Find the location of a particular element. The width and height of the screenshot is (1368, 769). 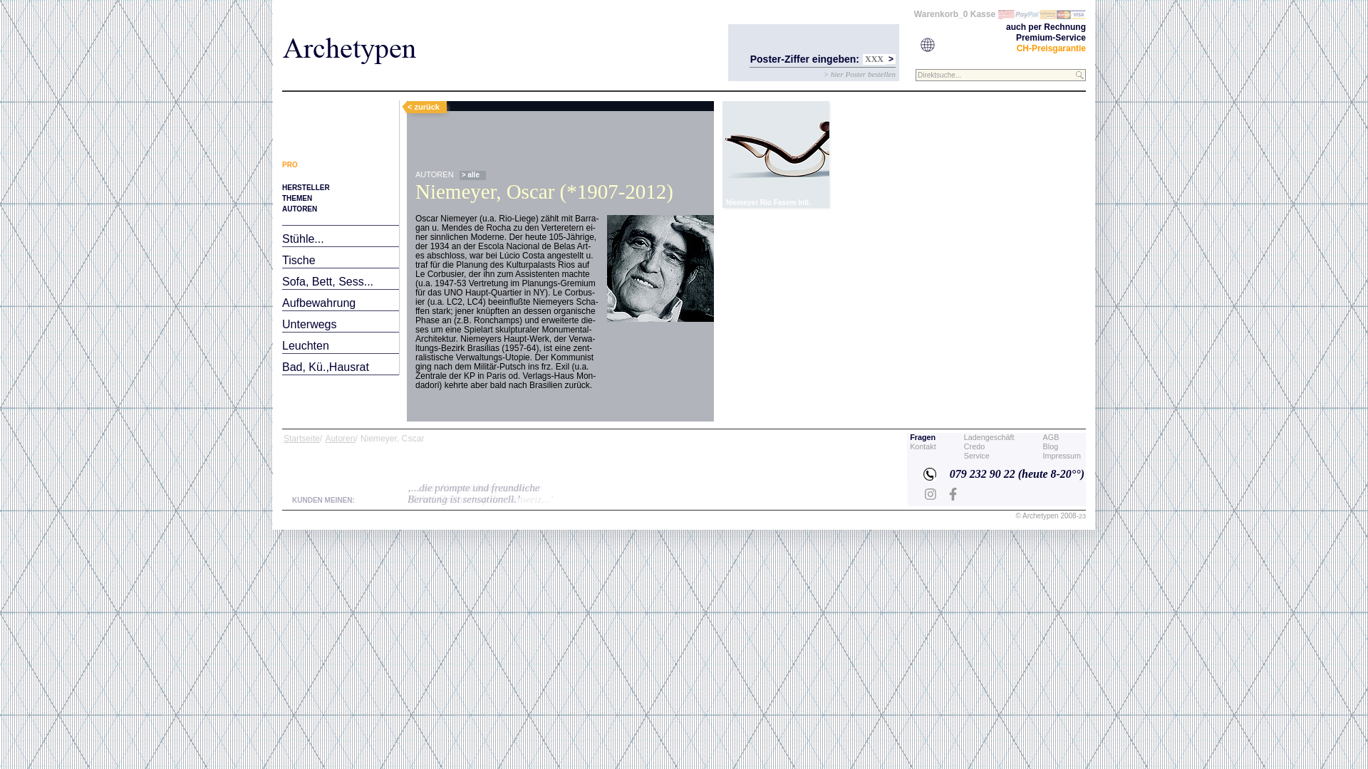

'Aufbewahrung' is located at coordinates (318, 302).